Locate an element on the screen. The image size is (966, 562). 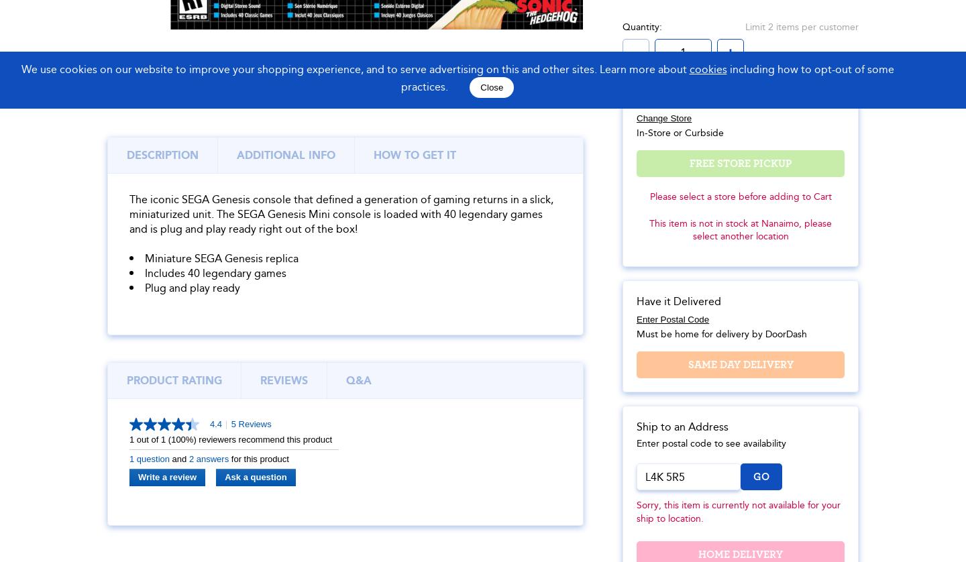
'Description' is located at coordinates (162, 154).